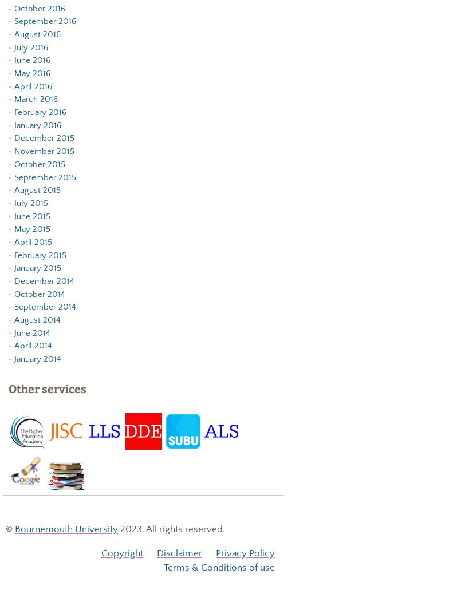 Image resolution: width=461 pixels, height=598 pixels. Describe the element at coordinates (44, 280) in the screenshot. I see `'December 2014'` at that location.